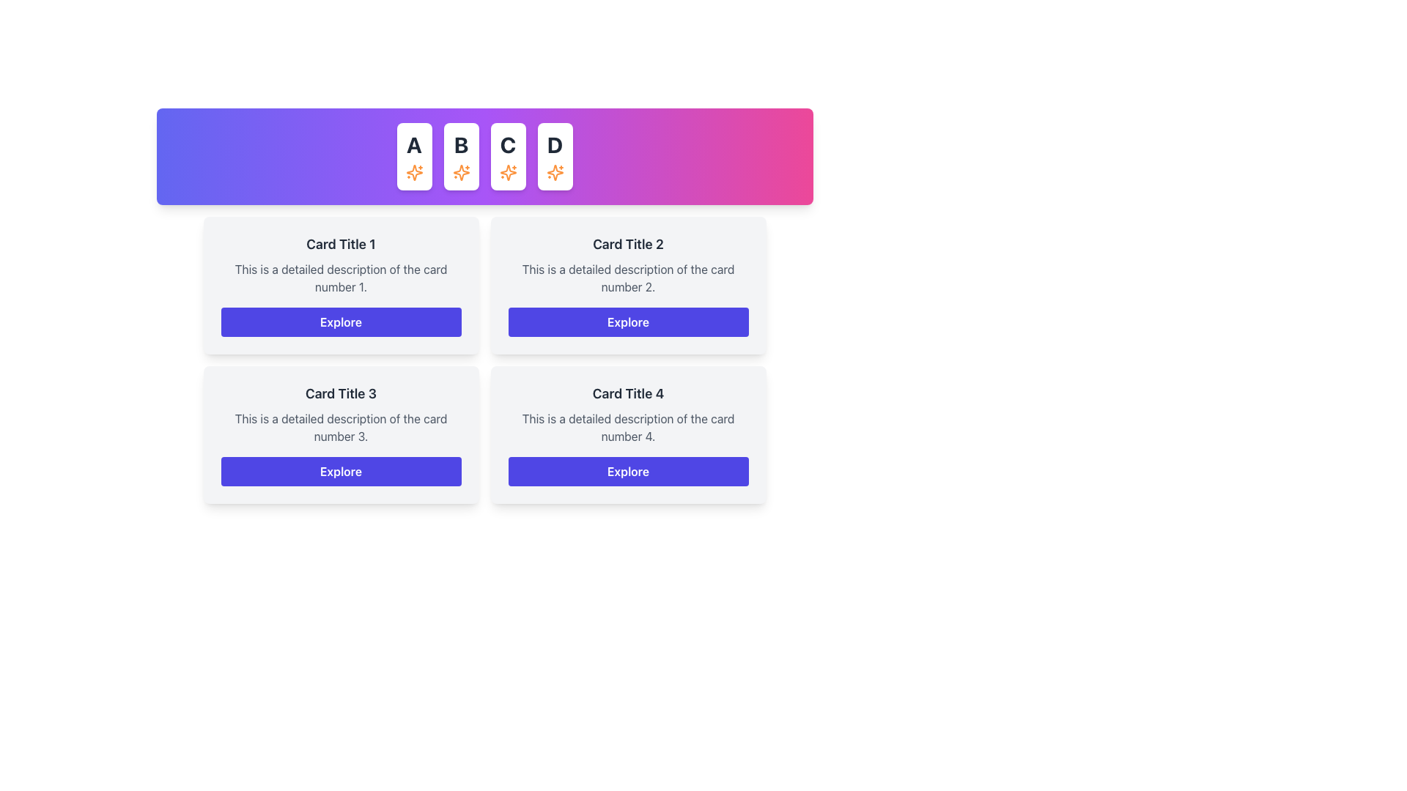  Describe the element at coordinates (508, 144) in the screenshot. I see `the bold and large letter 'C' in the third card of a horizontally aligned series of letters, styled in dark gray` at that location.